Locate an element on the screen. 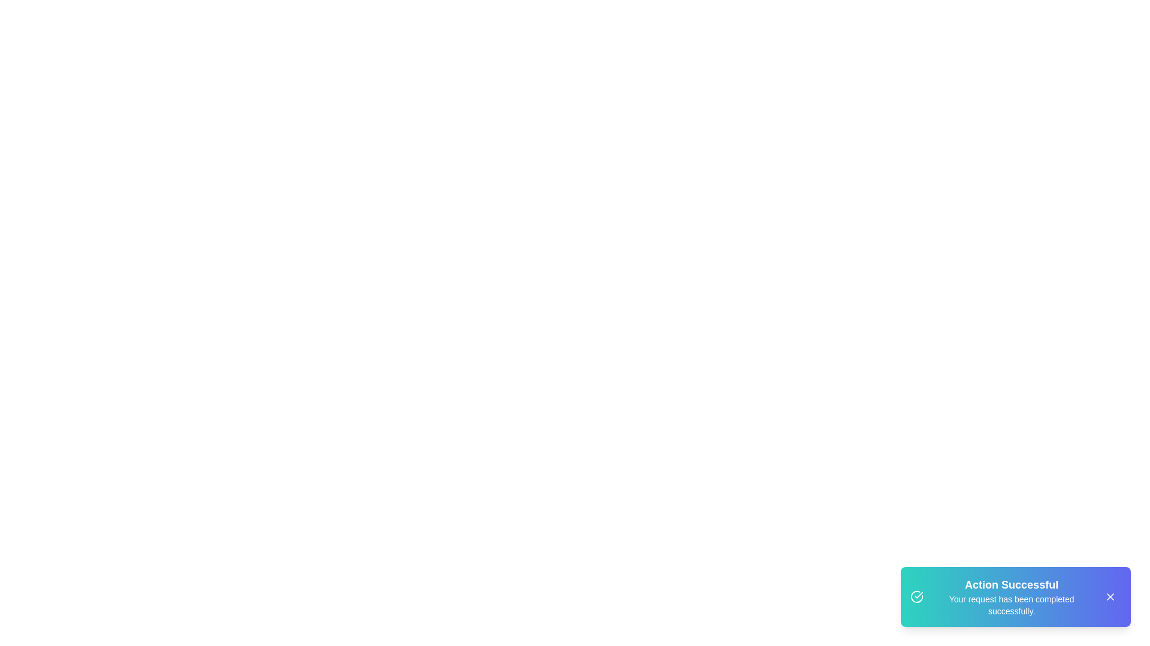 The height and width of the screenshot is (646, 1150). the close button to observe the hover effect is located at coordinates (1109, 597).